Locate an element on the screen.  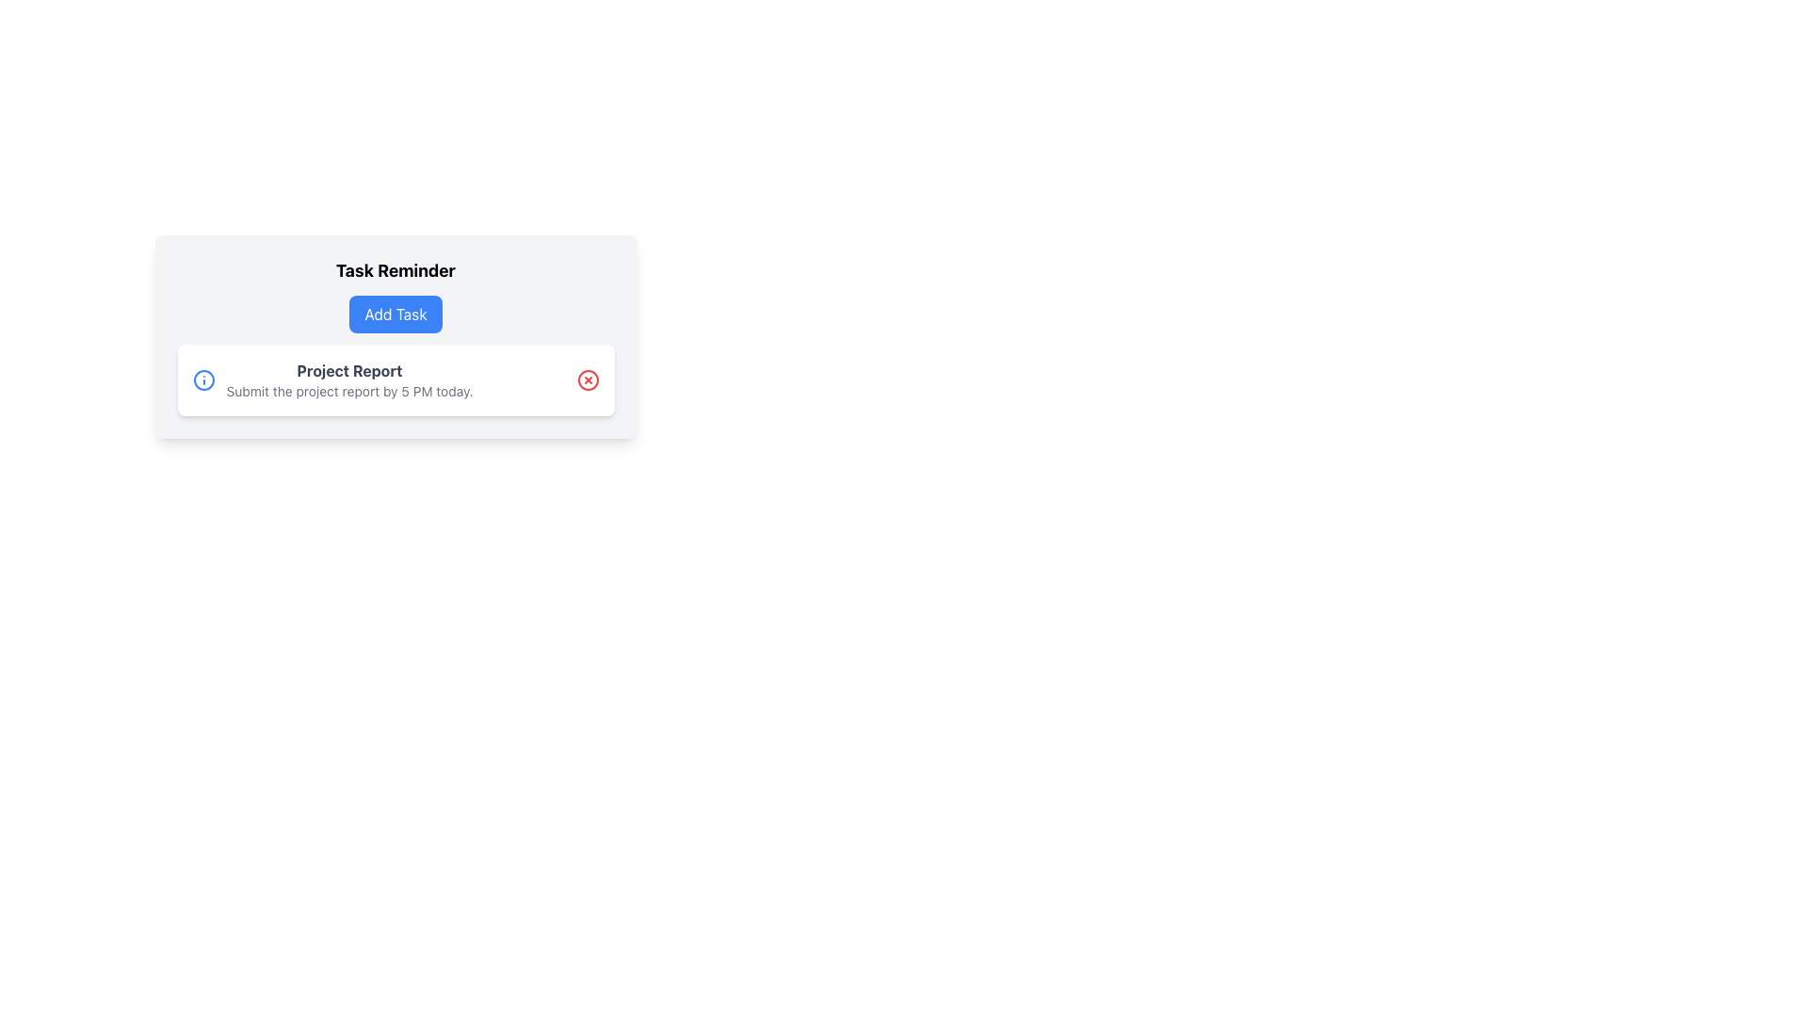
information displayed in the text block containing 'Project Report' and the submission deadline text is located at coordinates (349, 380).